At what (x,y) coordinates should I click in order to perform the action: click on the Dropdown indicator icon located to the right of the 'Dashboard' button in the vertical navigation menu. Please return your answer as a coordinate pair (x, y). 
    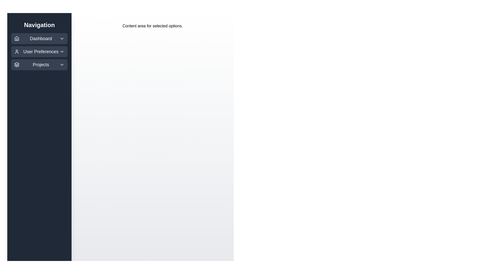
    Looking at the image, I should click on (62, 38).